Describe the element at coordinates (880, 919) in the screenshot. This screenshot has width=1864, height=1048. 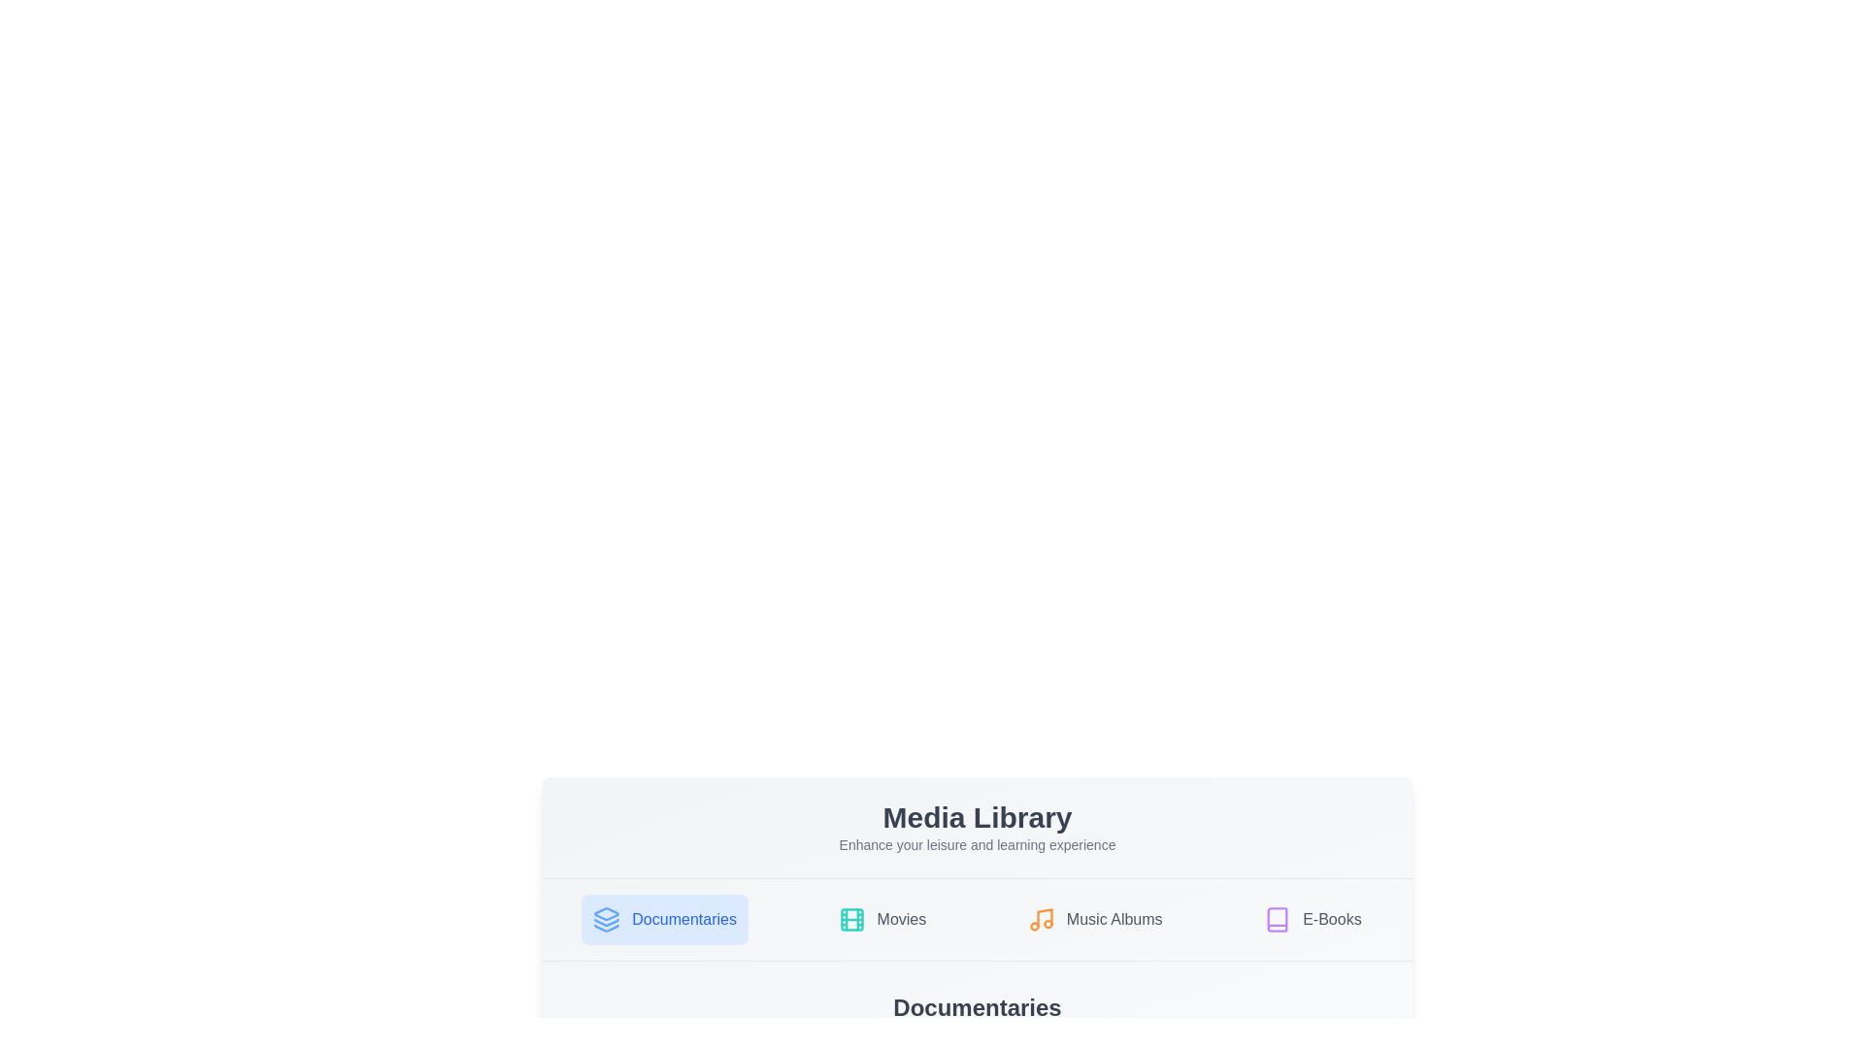
I see `the tab labeled Movies` at that location.